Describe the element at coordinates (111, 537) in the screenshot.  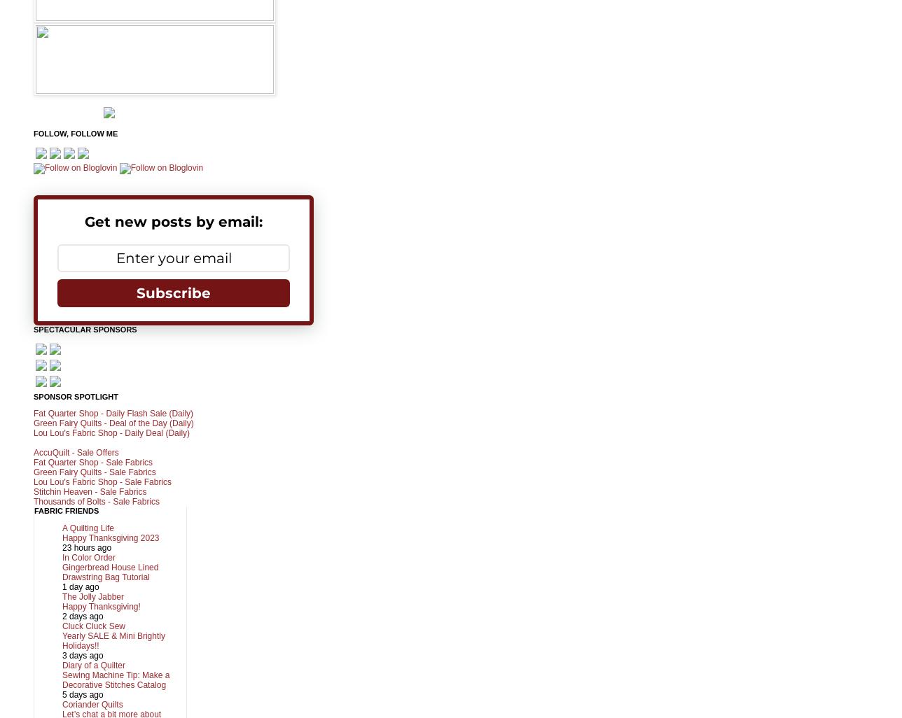
I see `'Happy Thanksgiving 2023'` at that location.